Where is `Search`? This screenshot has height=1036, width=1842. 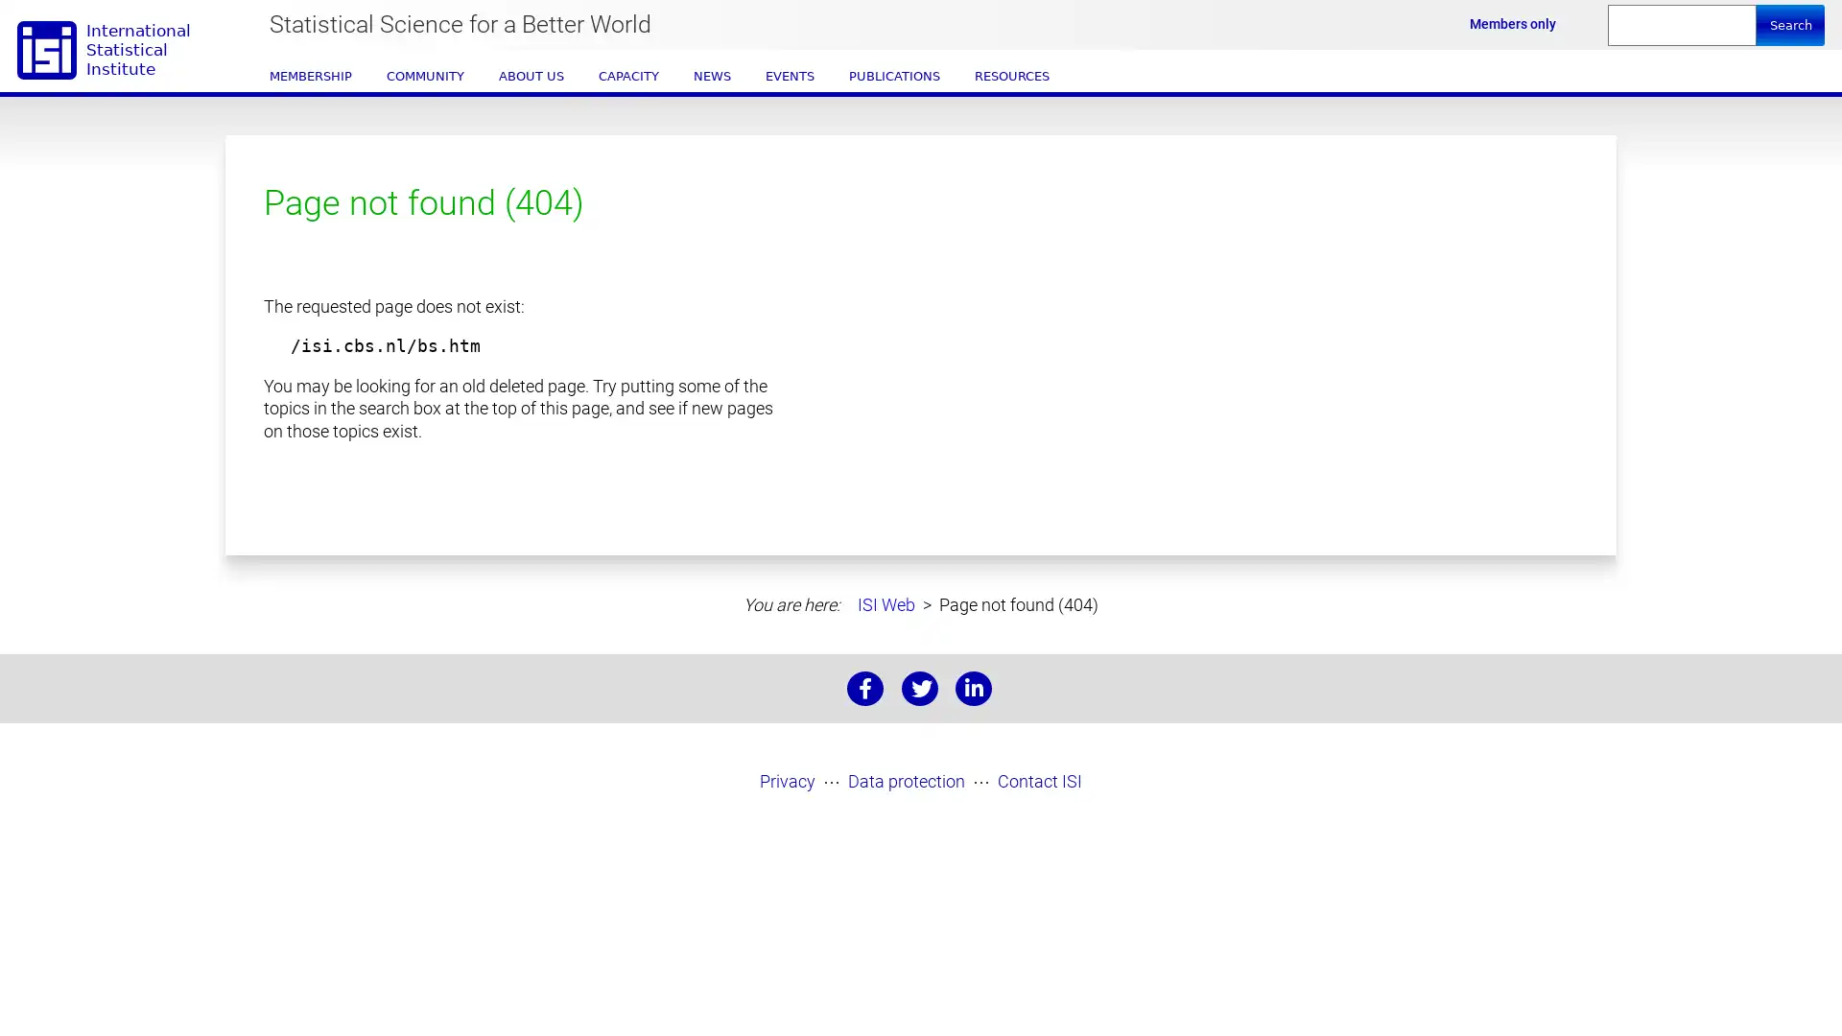
Search is located at coordinates (1789, 25).